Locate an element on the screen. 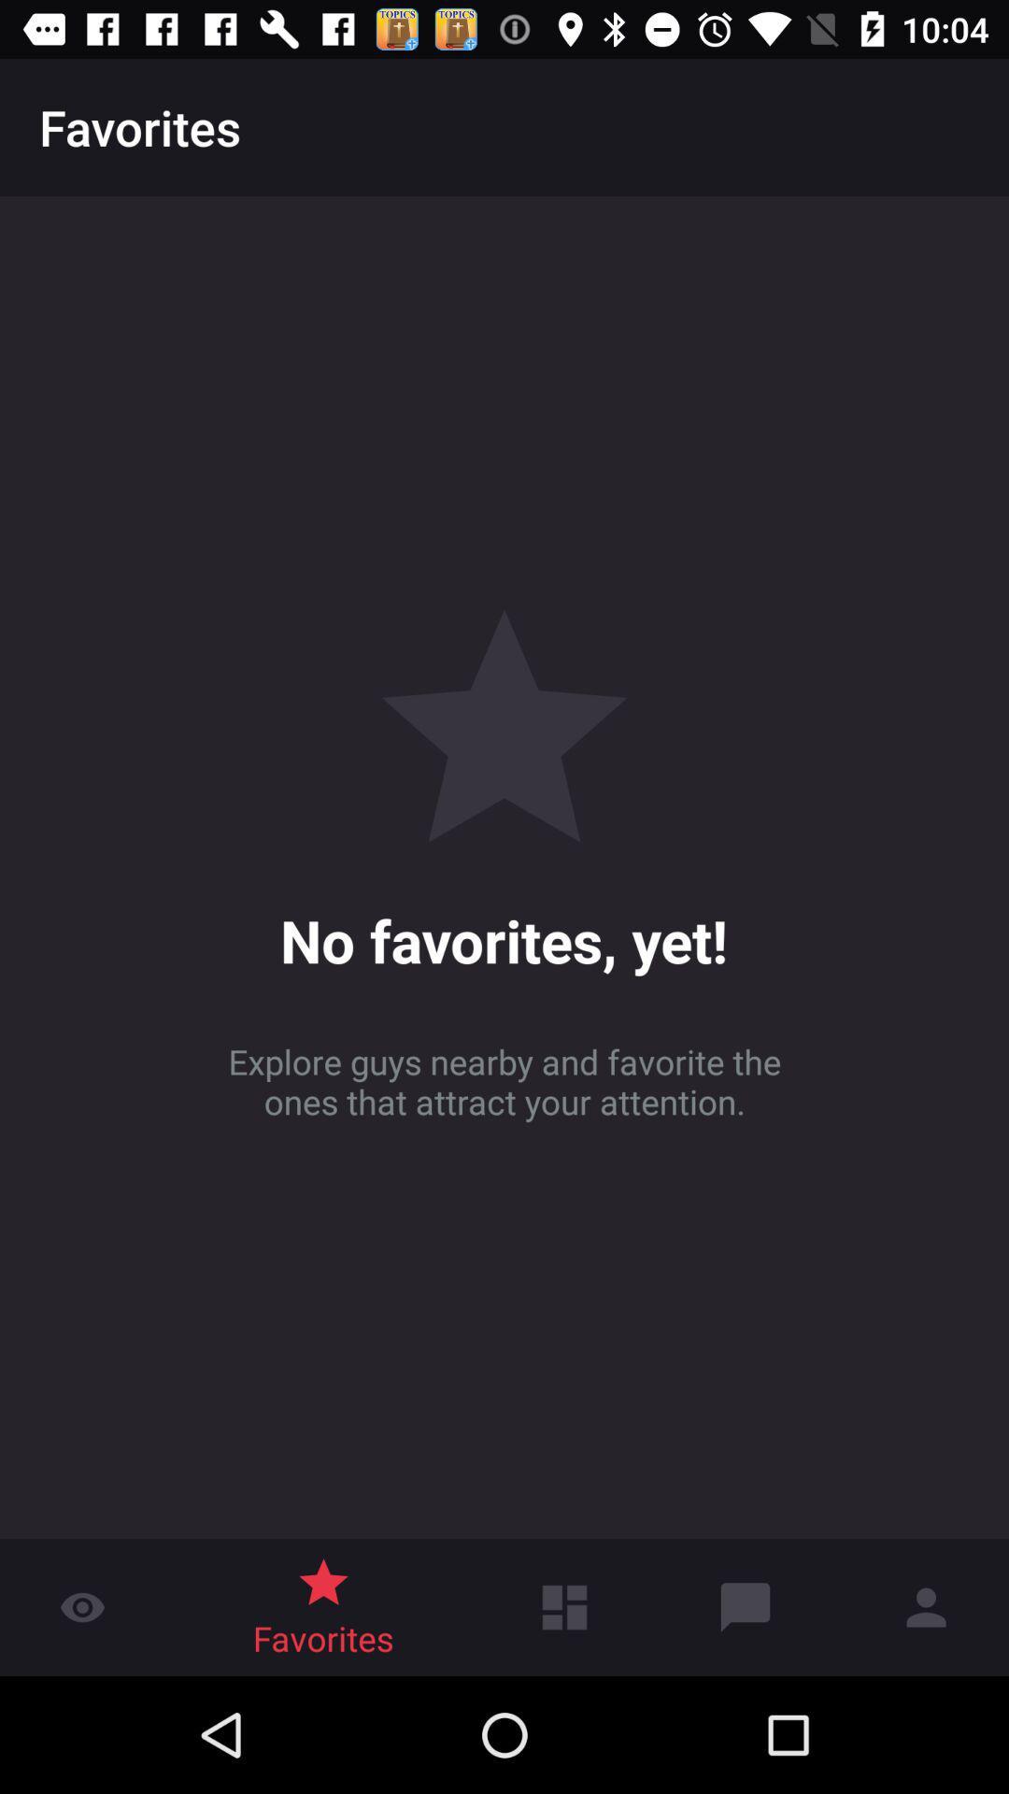  the icon to the left side of favorites in the bottom left corner is located at coordinates (81, 1587).